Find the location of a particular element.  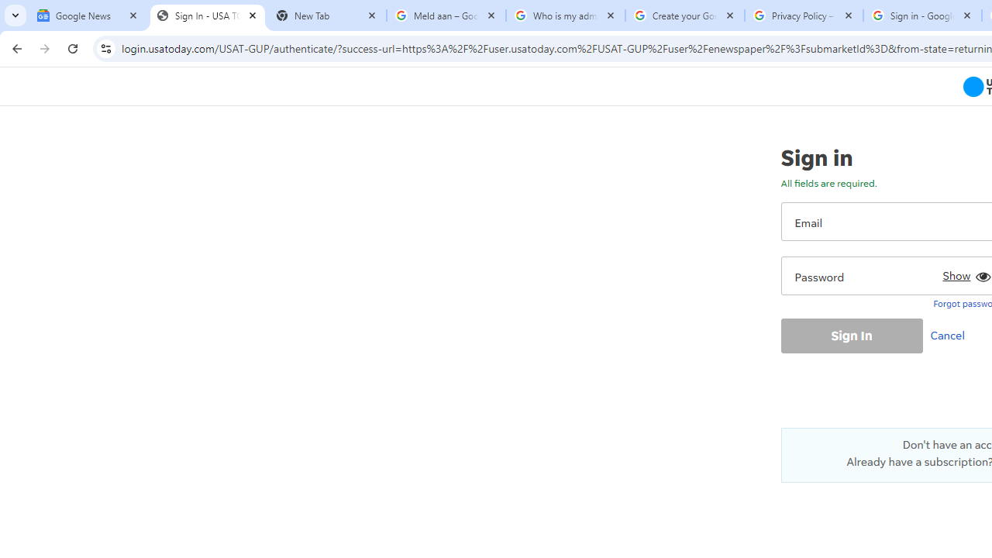

'Create your Google Account' is located at coordinates (684, 15).